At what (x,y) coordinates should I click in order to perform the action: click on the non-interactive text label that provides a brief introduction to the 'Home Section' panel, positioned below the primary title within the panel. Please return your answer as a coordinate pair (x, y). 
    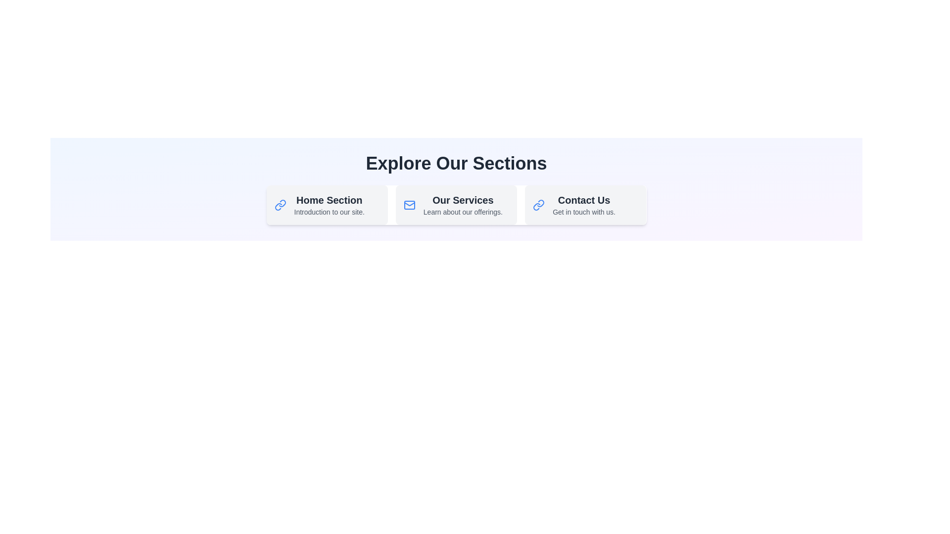
    Looking at the image, I should click on (329, 211).